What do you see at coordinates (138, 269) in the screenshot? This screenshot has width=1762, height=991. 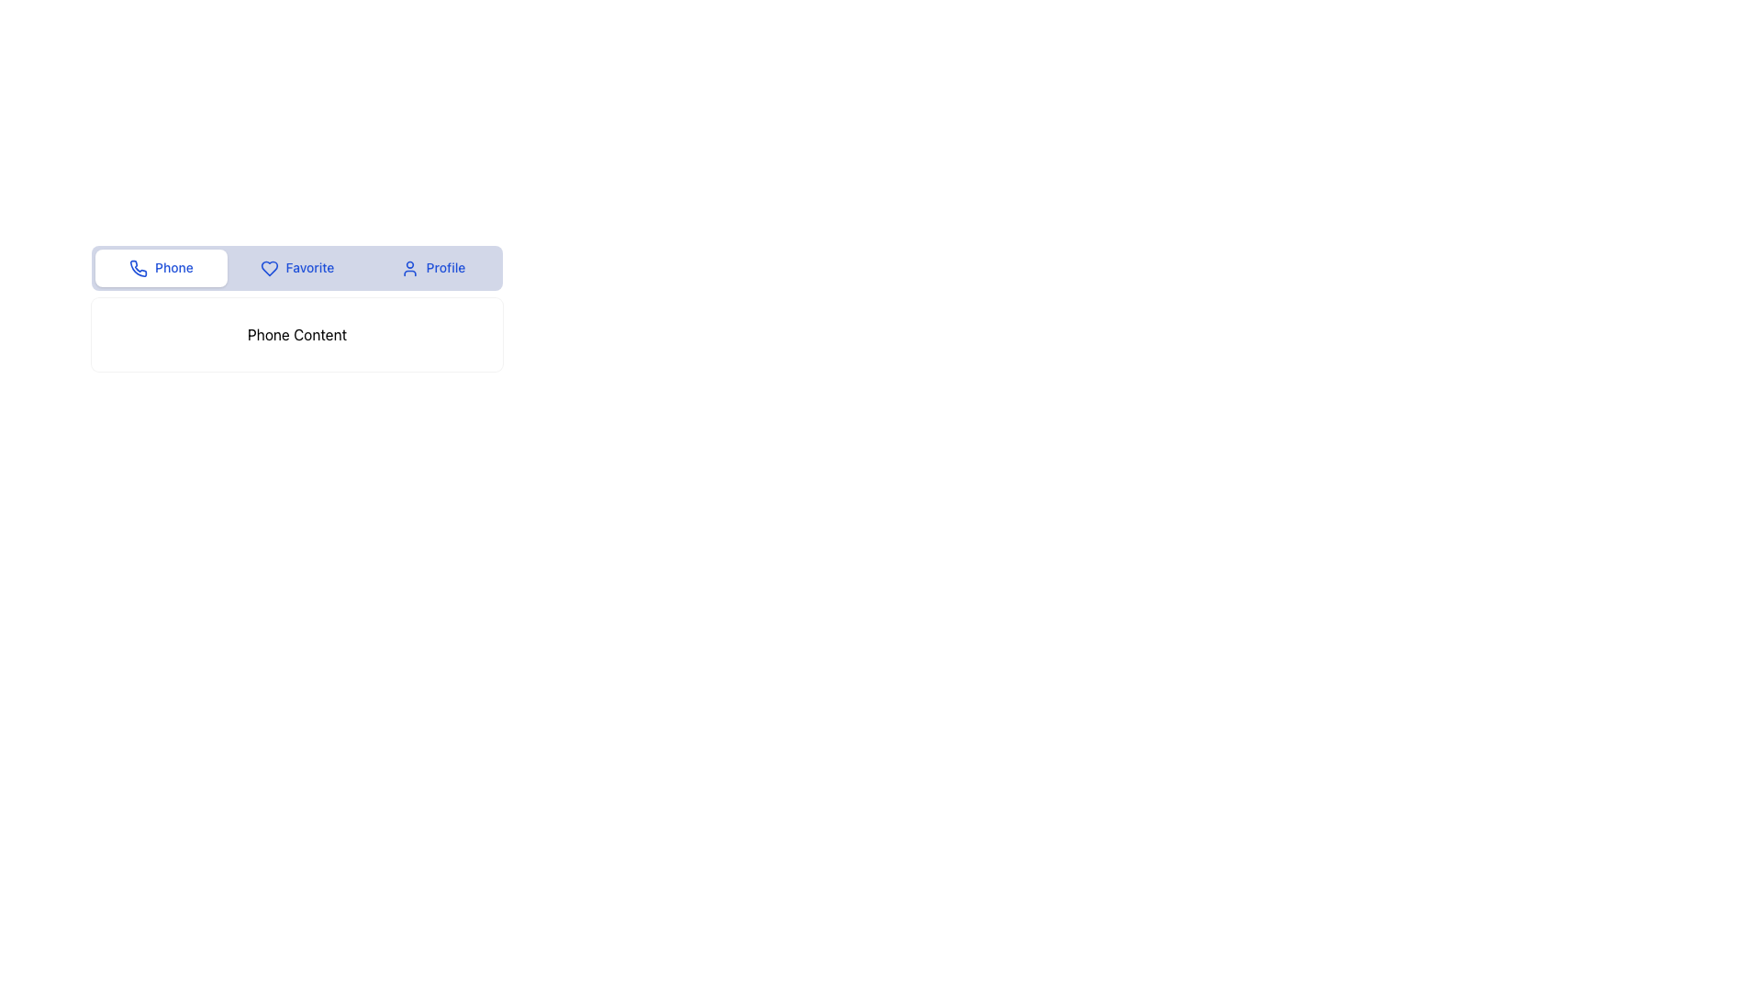 I see `the blue telephone receiver icon within the 'Phone' button located in the top-left navigation bar` at bounding box center [138, 269].